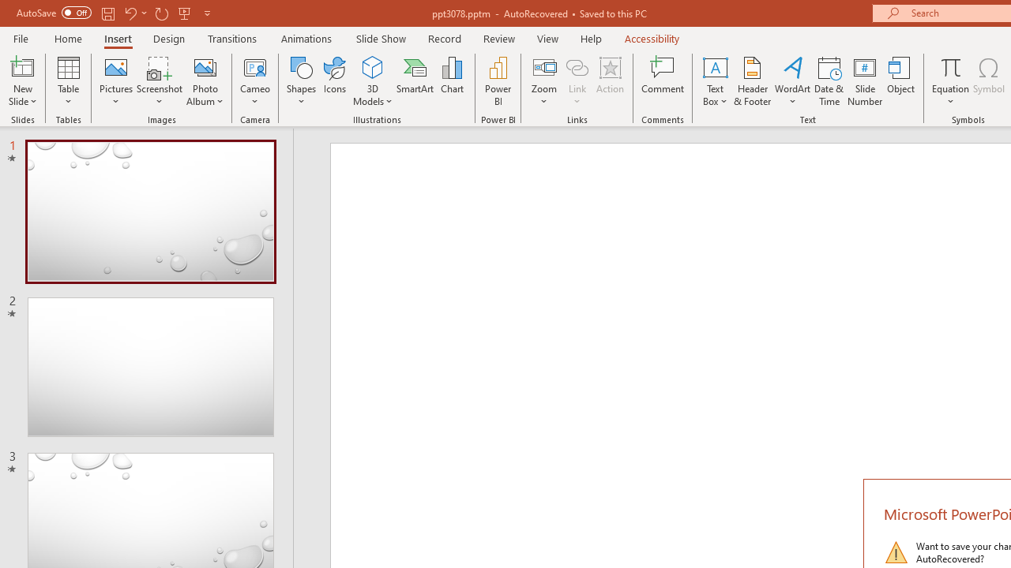  I want to click on 'Photo Album...', so click(204, 81).